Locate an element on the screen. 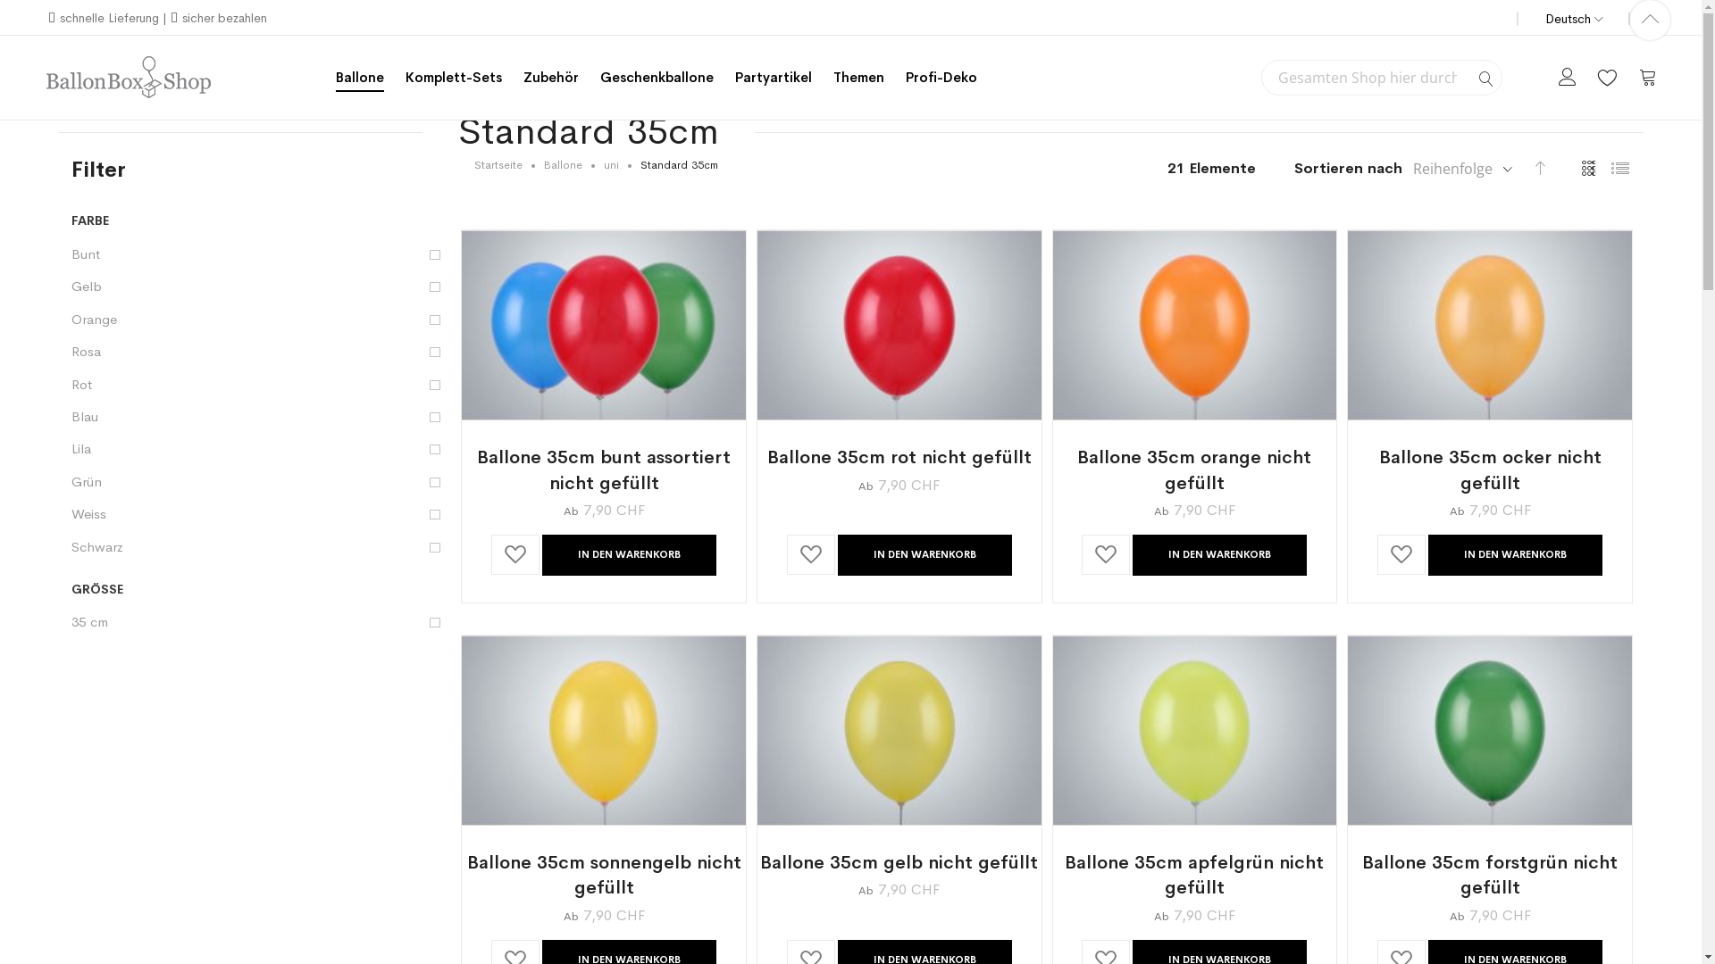  'uni' is located at coordinates (611, 165).